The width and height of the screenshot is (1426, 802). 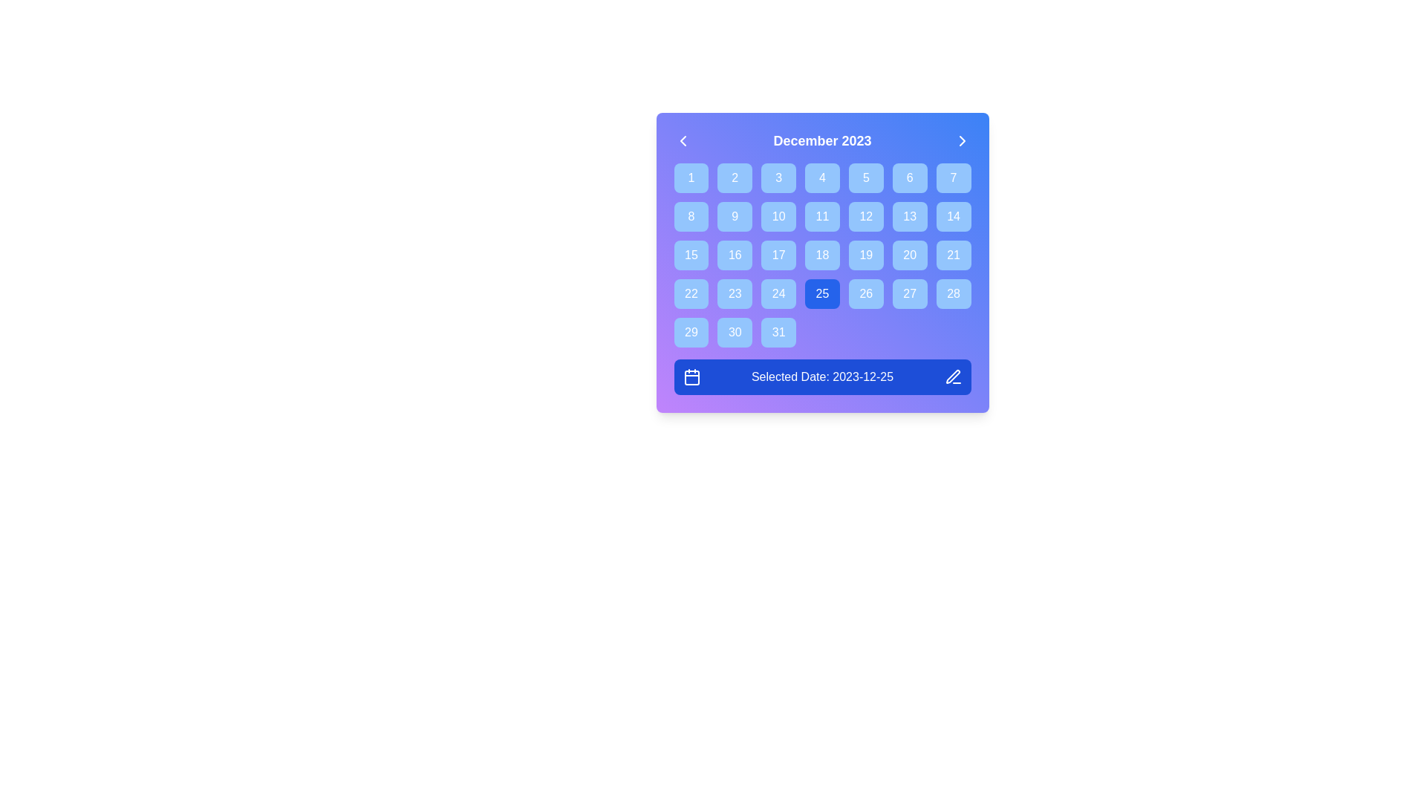 I want to click on the button displaying '20' in white on a light blue background, located in the third row and sixth column of the calendar grid for December 2023, so click(x=909, y=254).